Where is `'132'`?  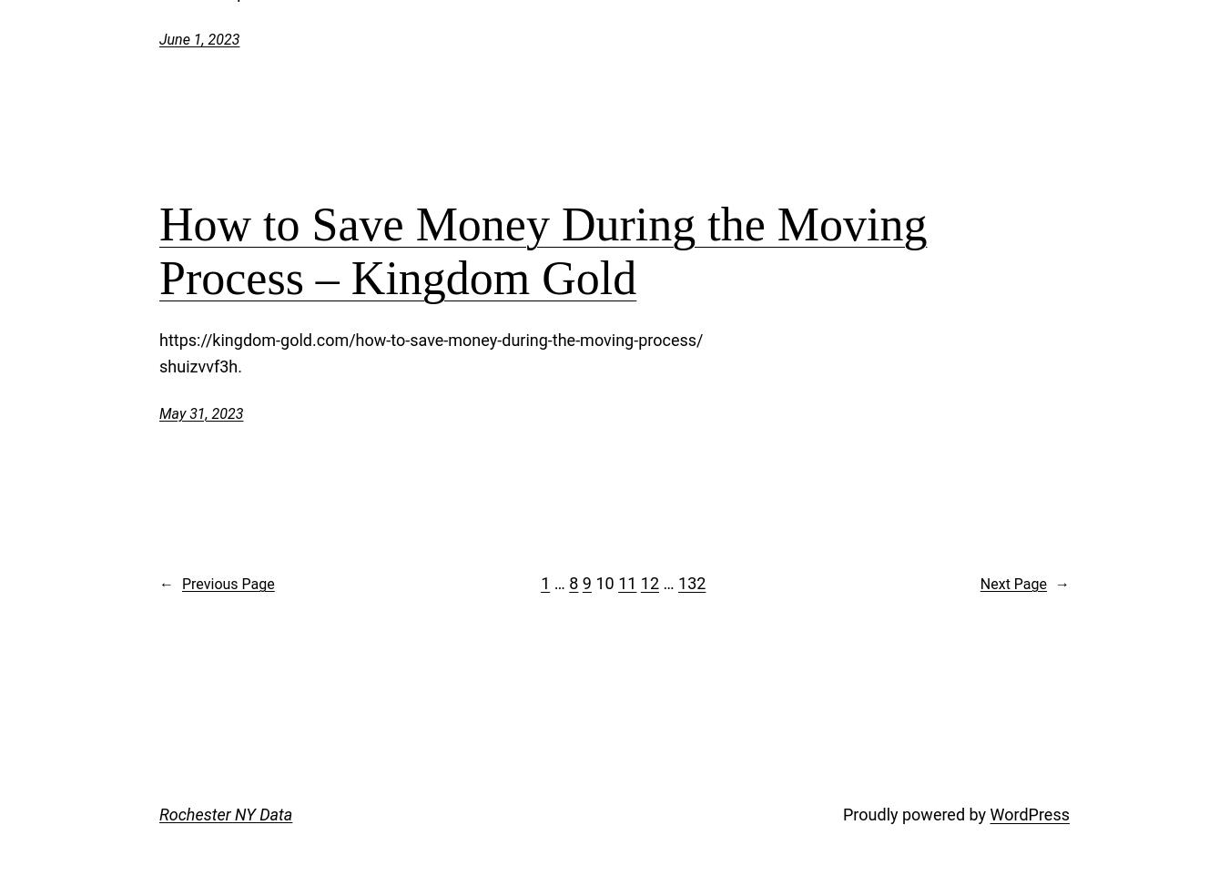
'132' is located at coordinates (691, 582).